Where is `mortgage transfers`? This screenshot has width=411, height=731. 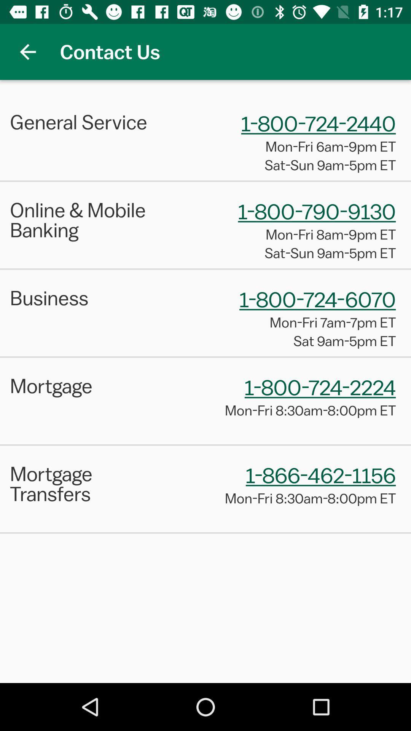
mortgage transfers is located at coordinates (89, 483).